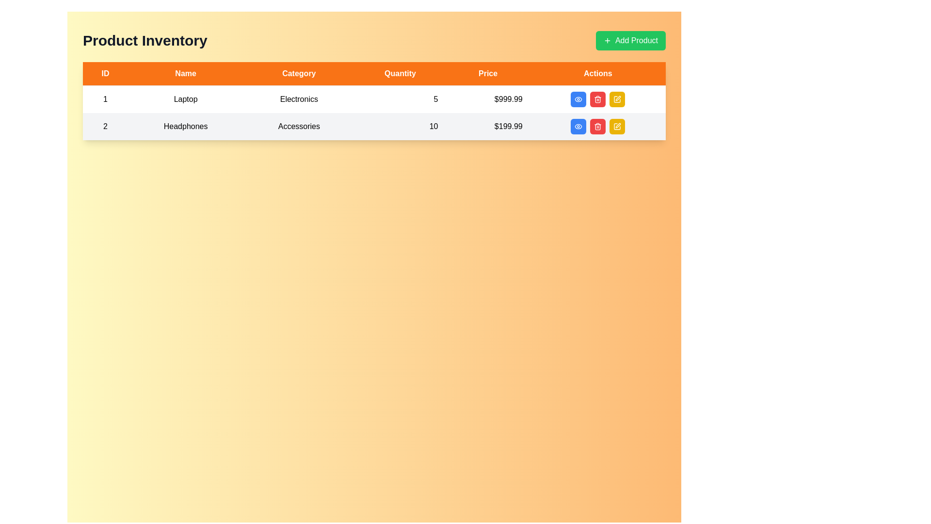  What do you see at coordinates (597, 99) in the screenshot?
I see `the small, rounded red button with a trash bin icon in the 'Actions' section of the second row to observe the hover effect` at bounding box center [597, 99].